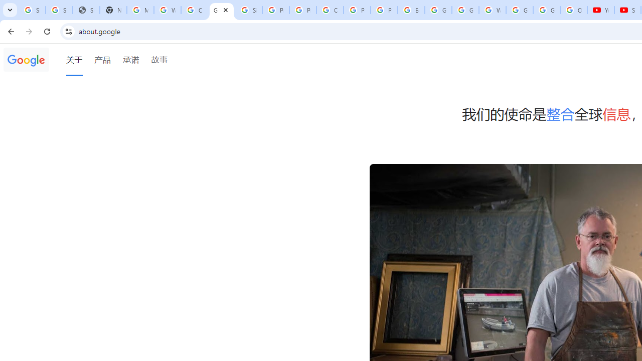  I want to click on 'Google', so click(26, 60).